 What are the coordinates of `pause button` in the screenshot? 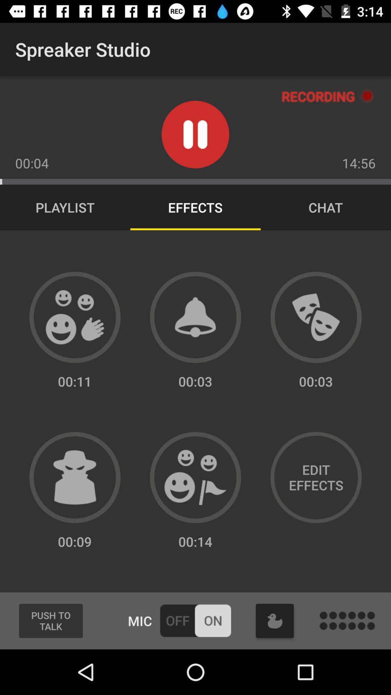 It's located at (195, 134).